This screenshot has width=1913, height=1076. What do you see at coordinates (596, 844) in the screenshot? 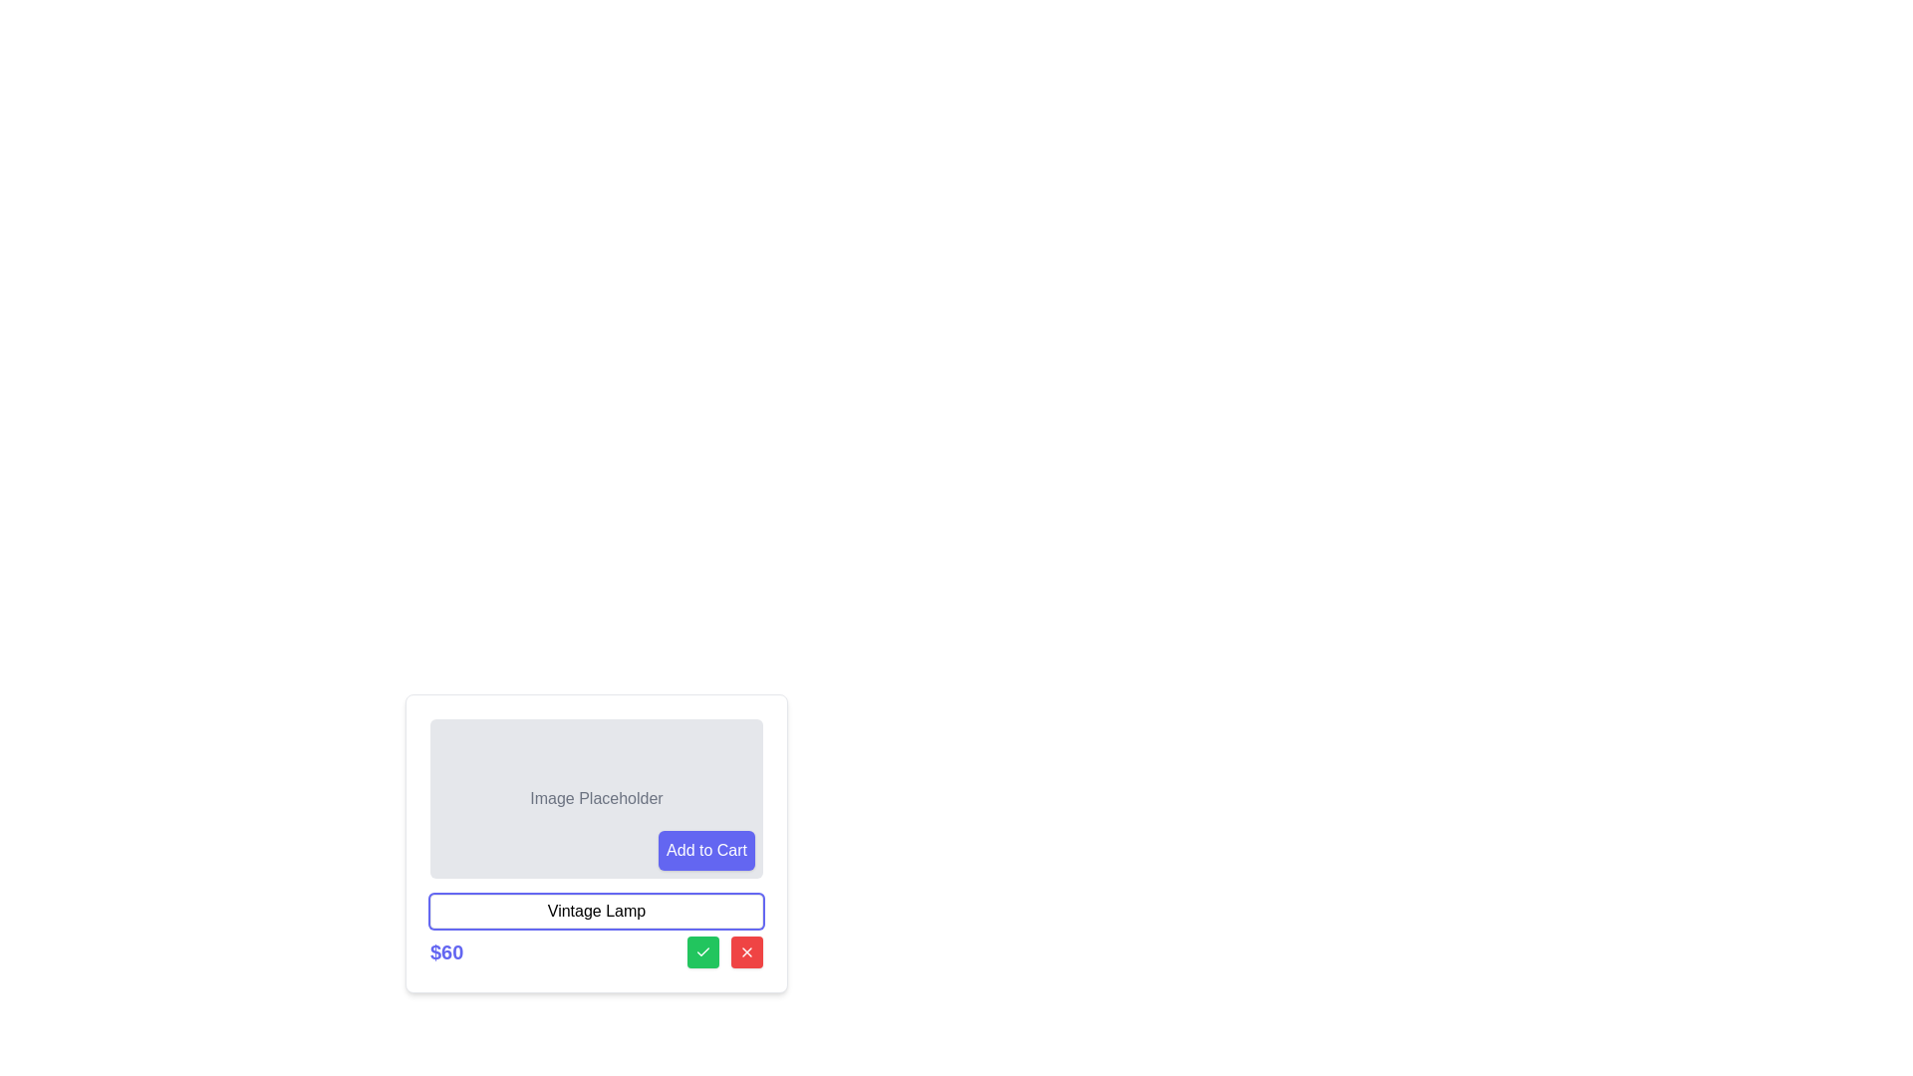
I see `the image placeholder within the card interface, which is part of a structured layout containing a call-to-action button labeled 'Add to Cart' and other product details` at bounding box center [596, 844].